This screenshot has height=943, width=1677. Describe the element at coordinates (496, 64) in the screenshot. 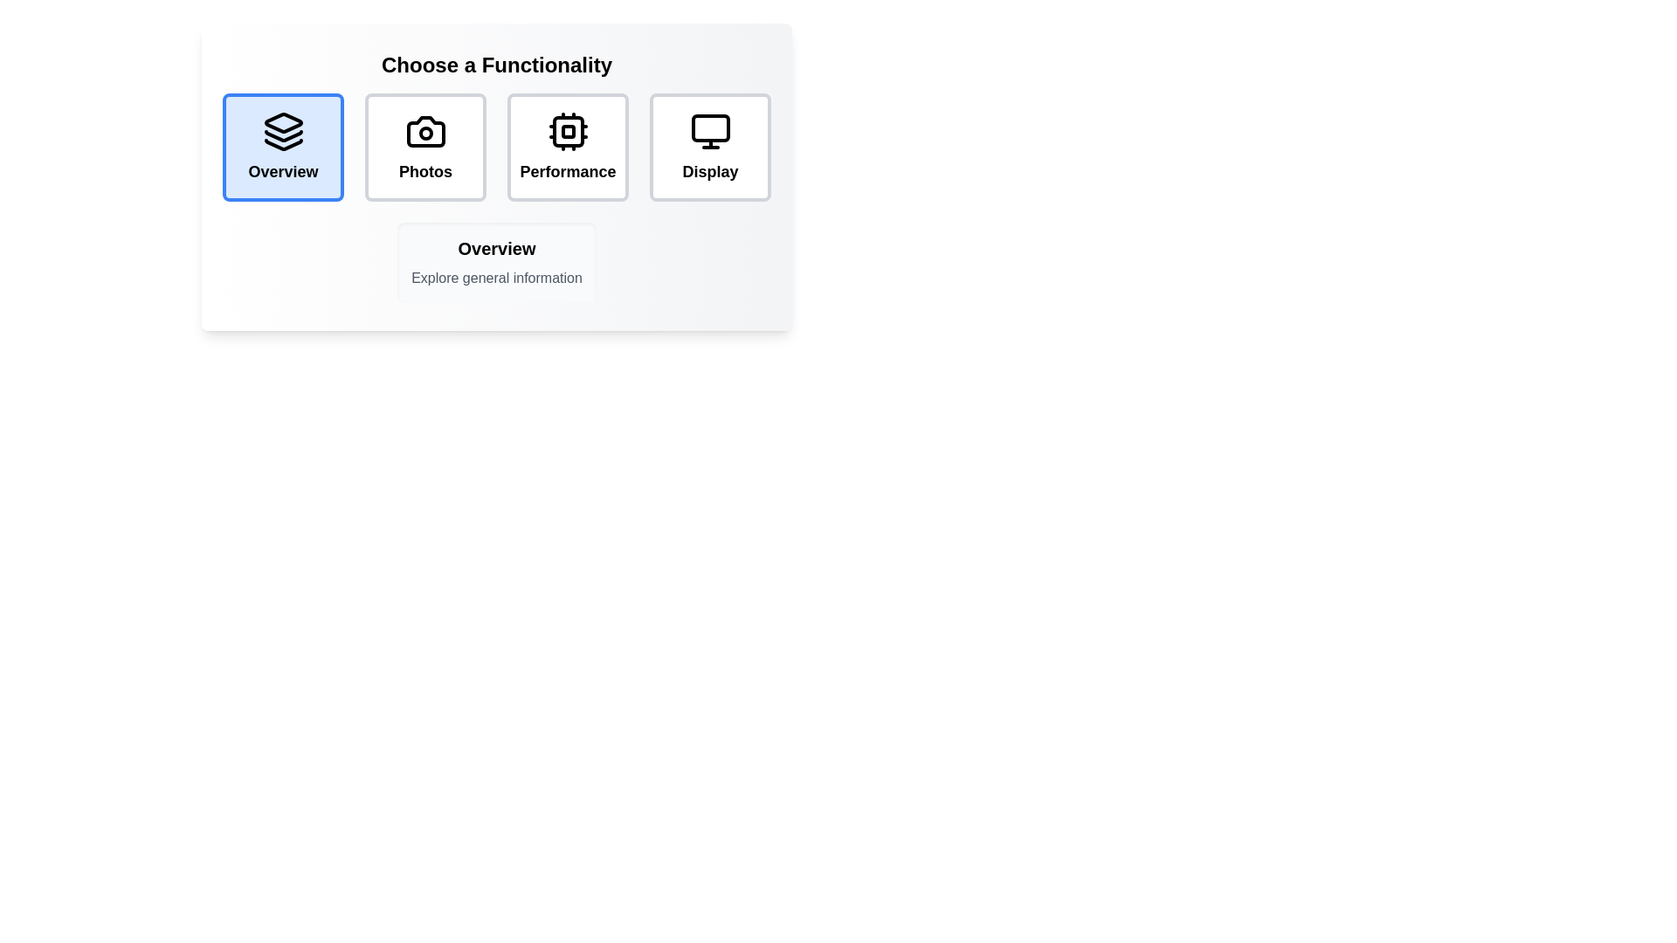

I see `the static text element that serves as a heading for the section, located at the top-center of the interface above the grid of options` at that location.